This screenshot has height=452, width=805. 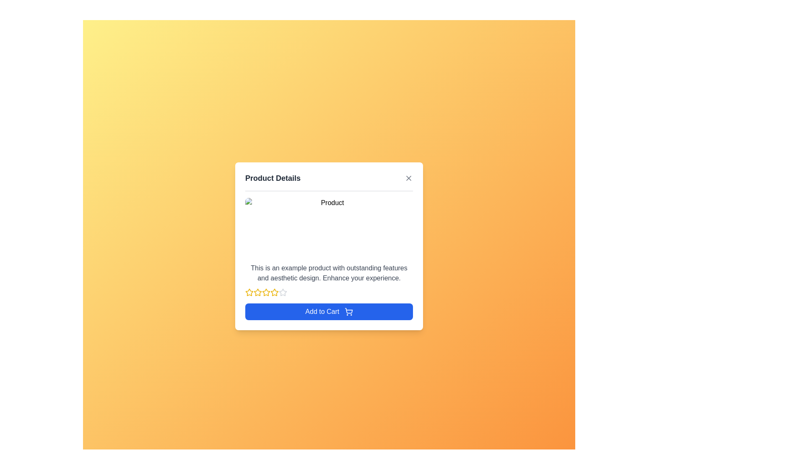 What do you see at coordinates (283, 292) in the screenshot?
I see `the fourth star in the row of rating star buttons` at bounding box center [283, 292].